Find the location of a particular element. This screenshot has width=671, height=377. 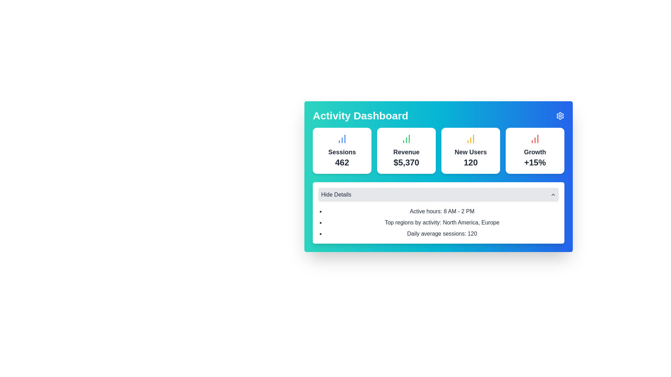

the revenue information displayed on the second informational card in the top row of the dashboard, which summarizes revenue data with a chart icon, title, and value is located at coordinates (406, 150).